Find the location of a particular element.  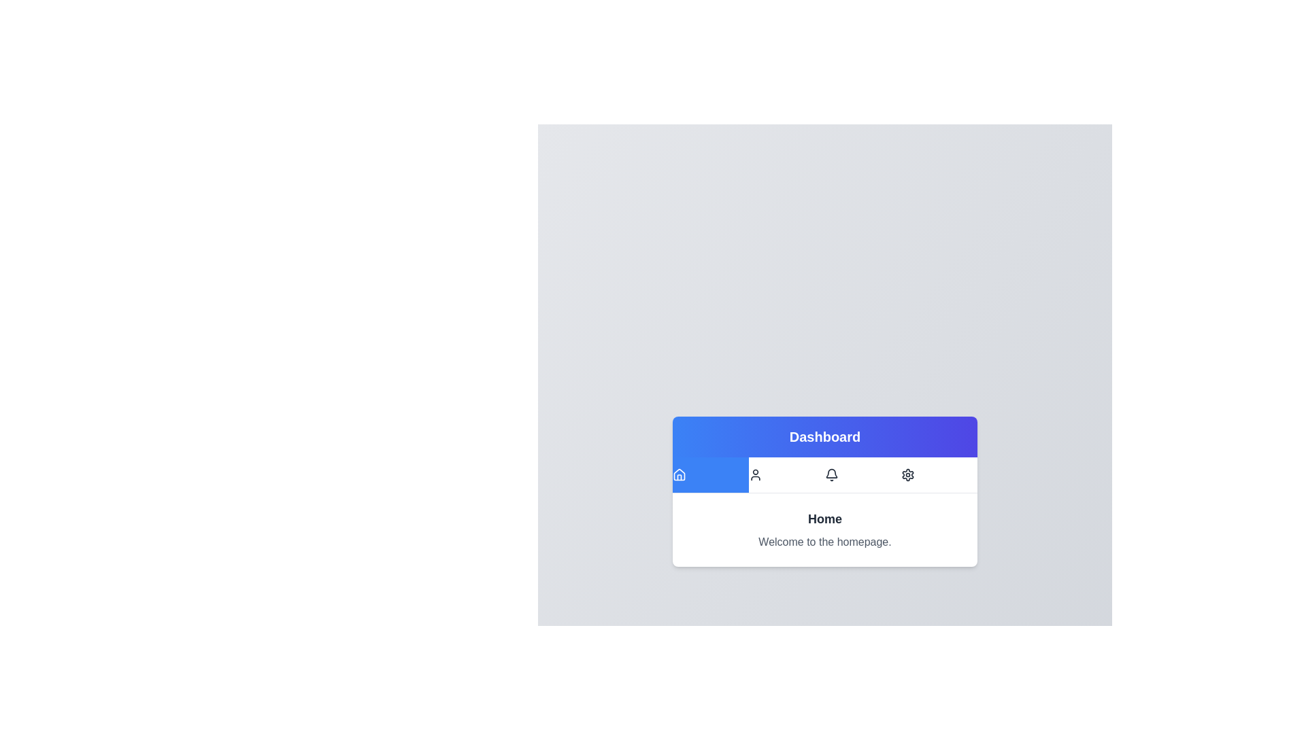

the header area and confirm its content visually is located at coordinates (824, 436).